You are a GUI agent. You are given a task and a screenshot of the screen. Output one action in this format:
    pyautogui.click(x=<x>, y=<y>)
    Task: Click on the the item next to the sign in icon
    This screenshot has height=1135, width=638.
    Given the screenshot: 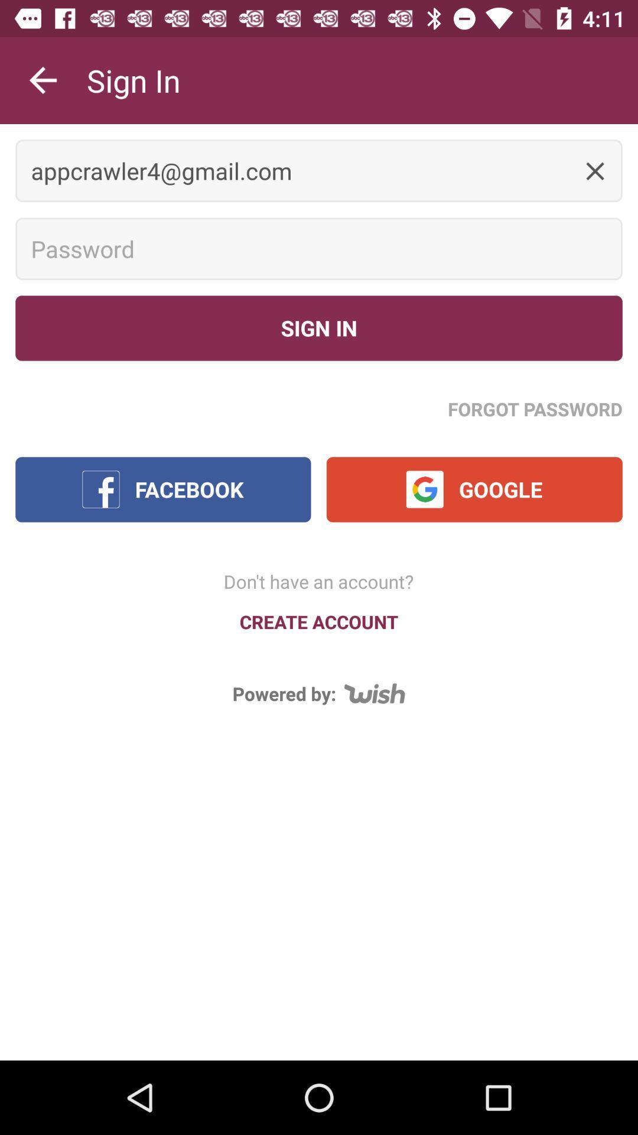 What is the action you would take?
    pyautogui.click(x=43, y=80)
    